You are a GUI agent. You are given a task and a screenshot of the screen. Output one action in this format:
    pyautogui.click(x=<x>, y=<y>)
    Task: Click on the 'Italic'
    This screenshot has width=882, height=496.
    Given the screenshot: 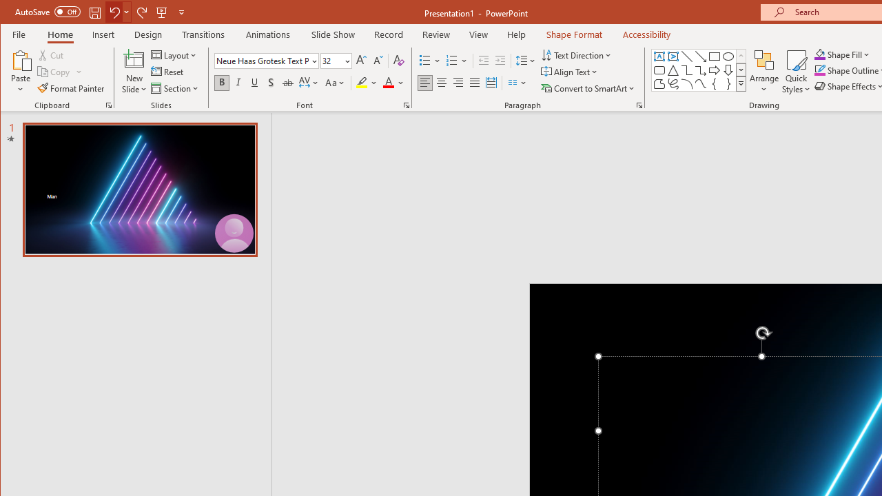 What is the action you would take?
    pyautogui.click(x=238, y=83)
    